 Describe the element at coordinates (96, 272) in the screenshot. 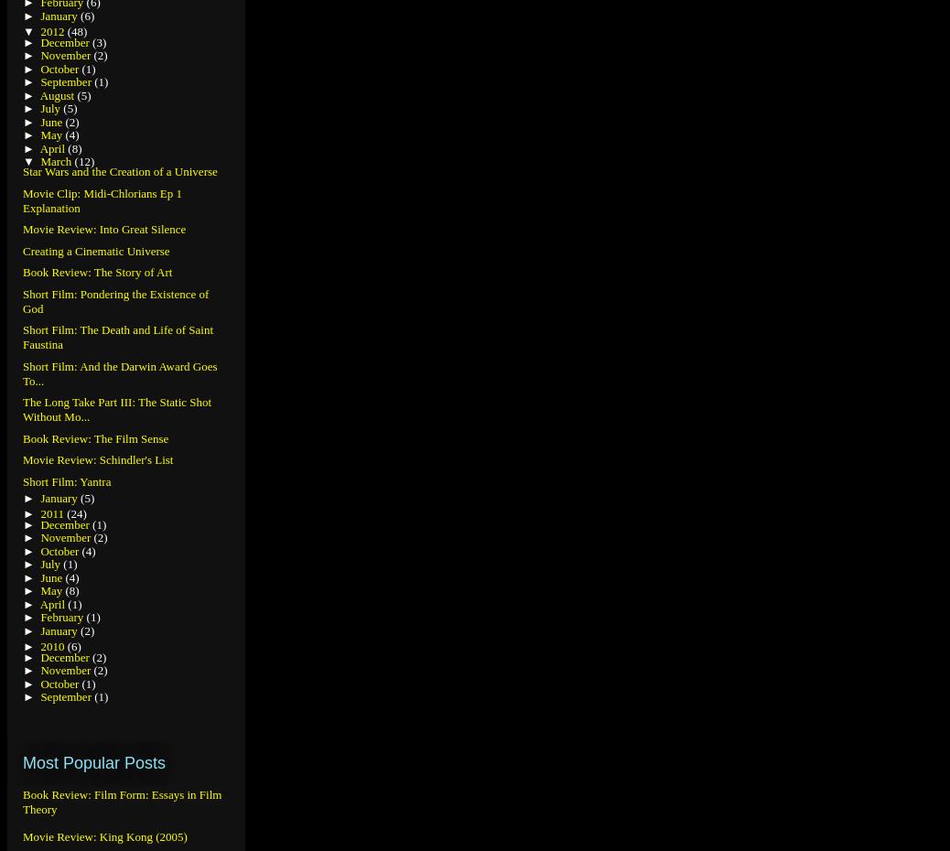

I see `'Book Review: The Story of Art'` at that location.